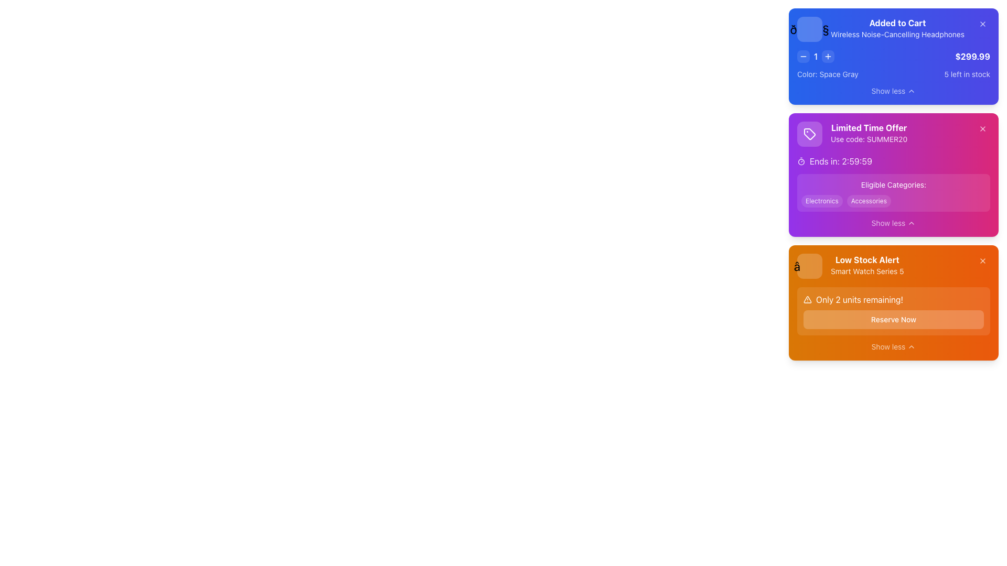 This screenshot has height=566, width=1007. What do you see at coordinates (809, 133) in the screenshot?
I see `the Icon button located within the 'Limited Time Offer' section, which features a tag-shaped icon with a transparent white background and rounded corners` at bounding box center [809, 133].